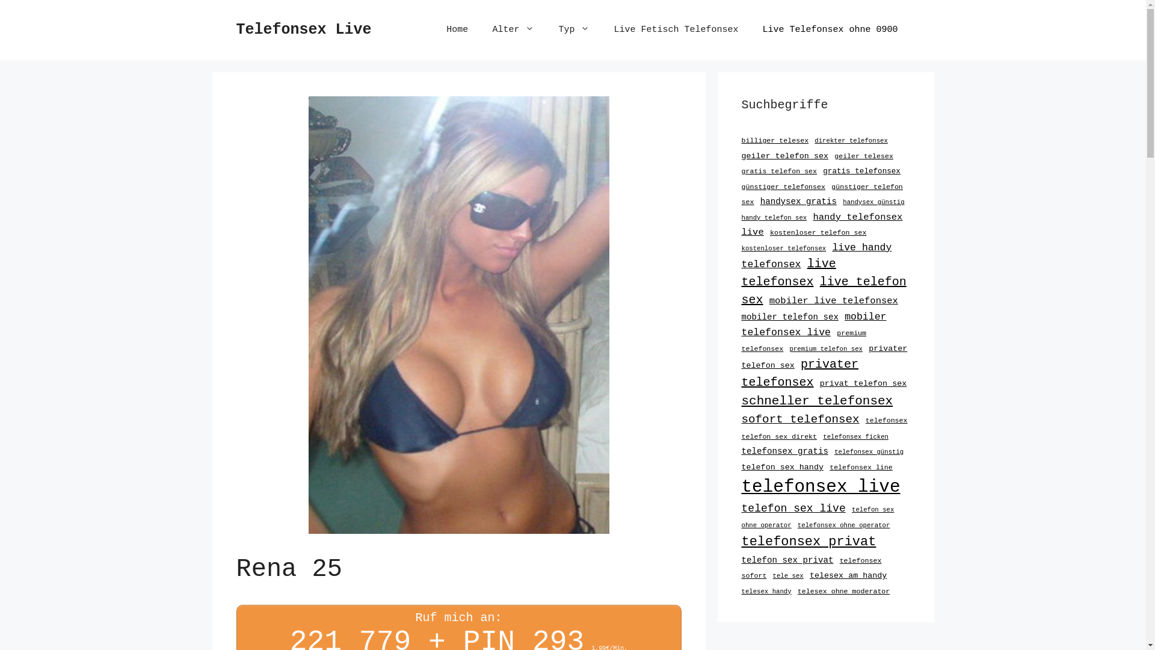 Image resolution: width=1155 pixels, height=650 pixels. Describe the element at coordinates (741, 401) in the screenshot. I see `'schneller telefonsex'` at that location.